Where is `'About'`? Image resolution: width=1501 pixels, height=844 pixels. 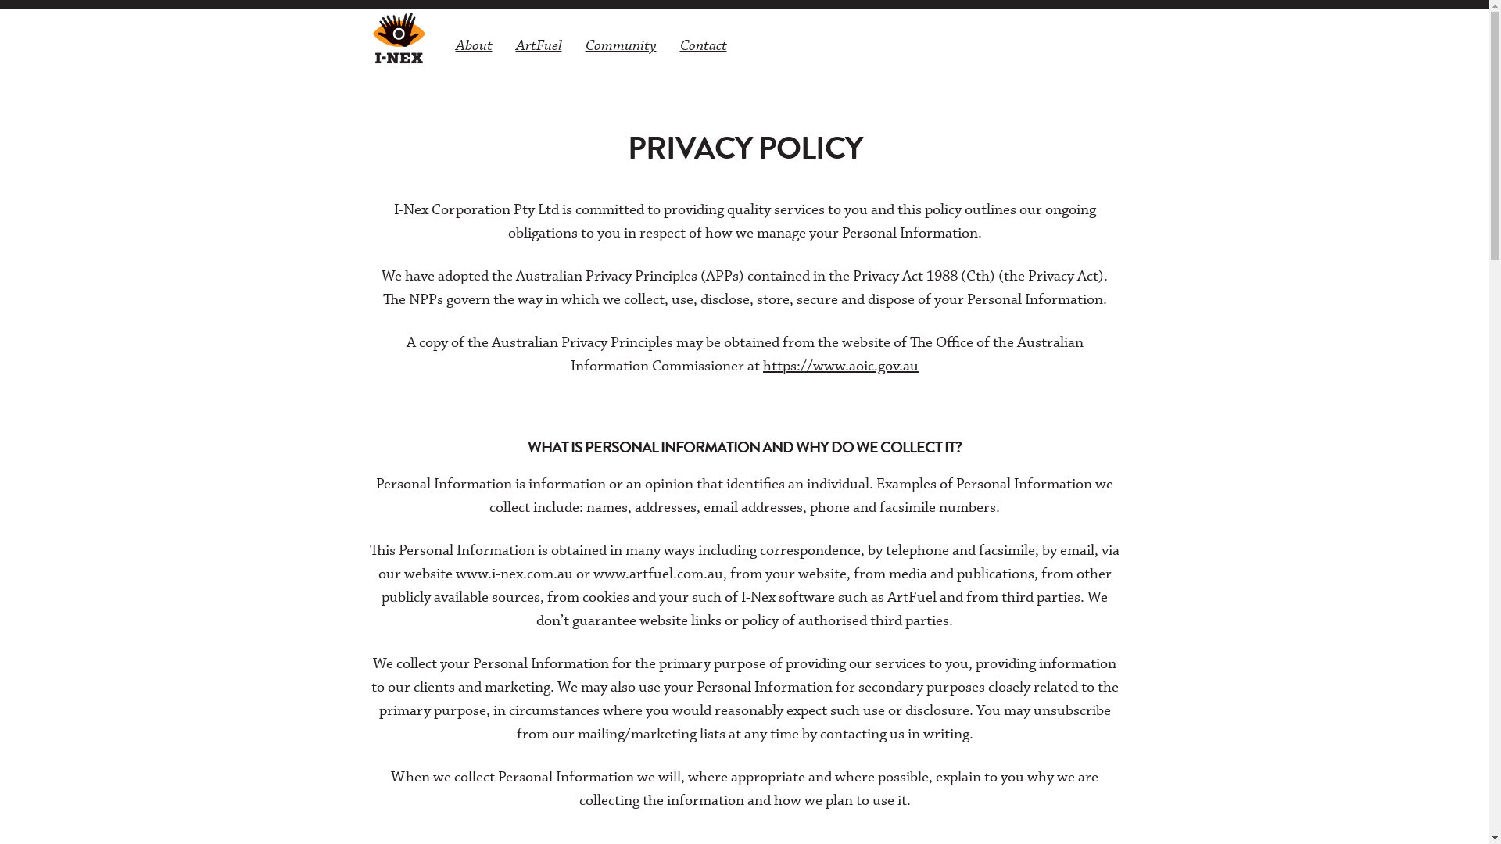
'About' is located at coordinates (473, 44).